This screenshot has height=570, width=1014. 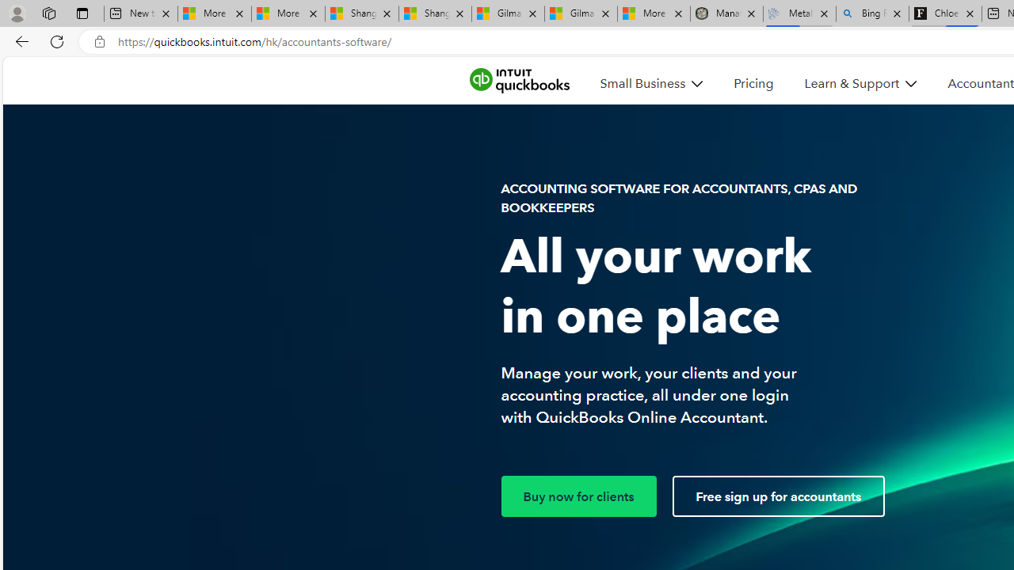 What do you see at coordinates (911, 84) in the screenshot?
I see `'Class: MenuItem_dDown__f585abf6 MenuItem_white__f585abf6'` at bounding box center [911, 84].